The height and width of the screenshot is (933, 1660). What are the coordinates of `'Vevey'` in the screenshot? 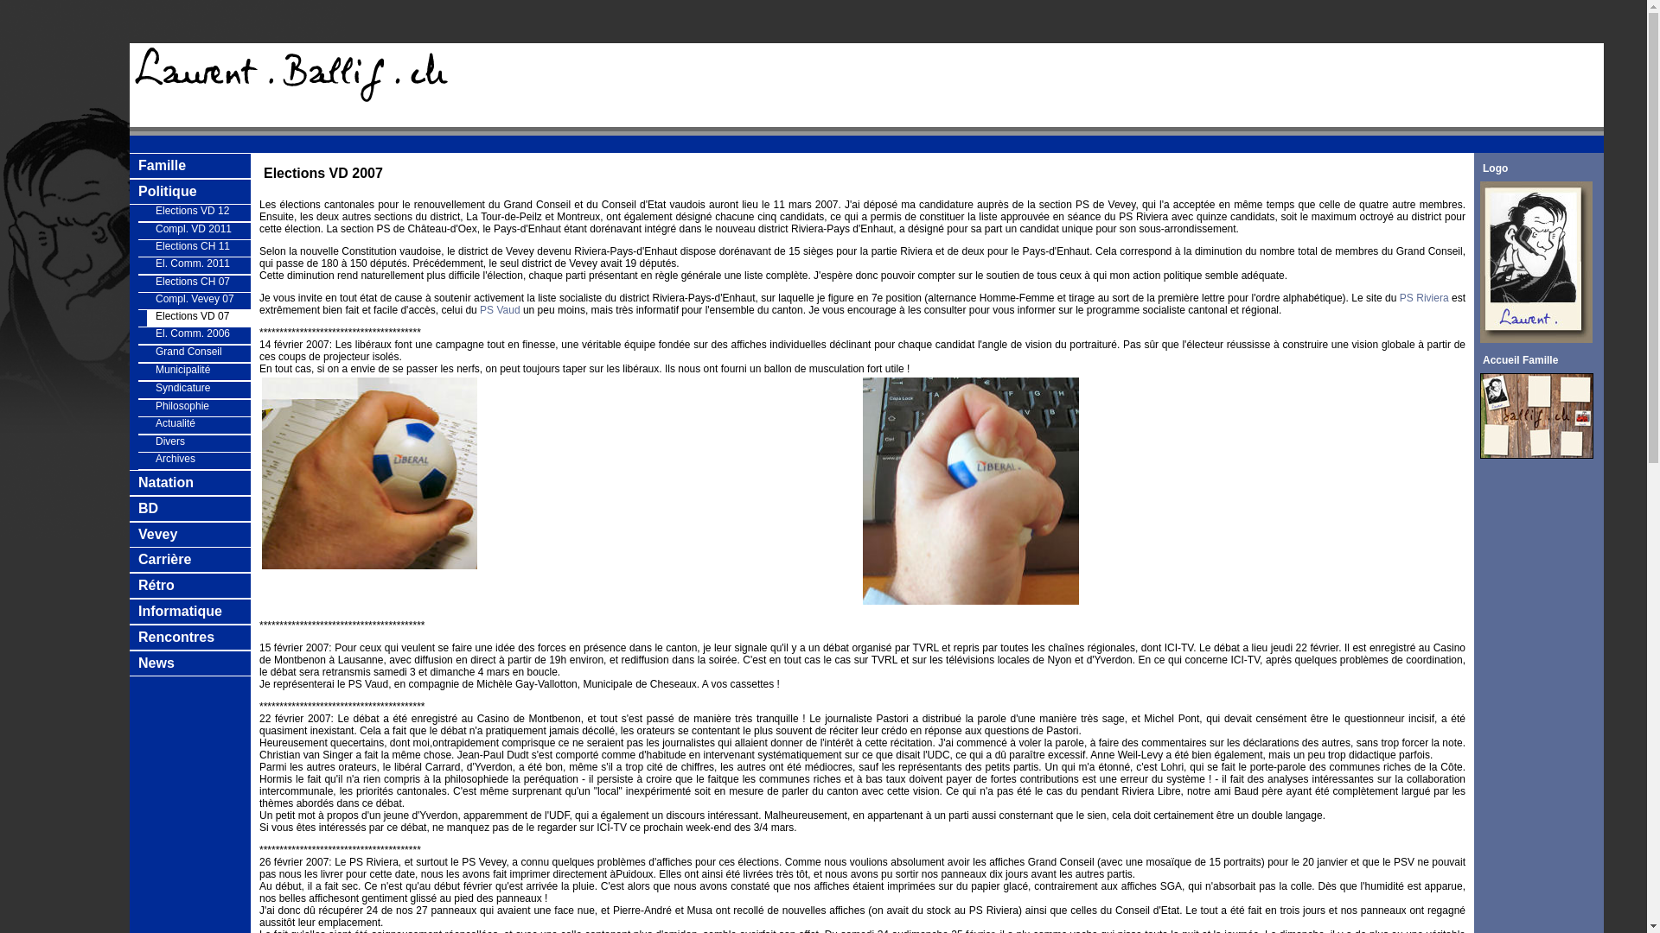 It's located at (195, 533).